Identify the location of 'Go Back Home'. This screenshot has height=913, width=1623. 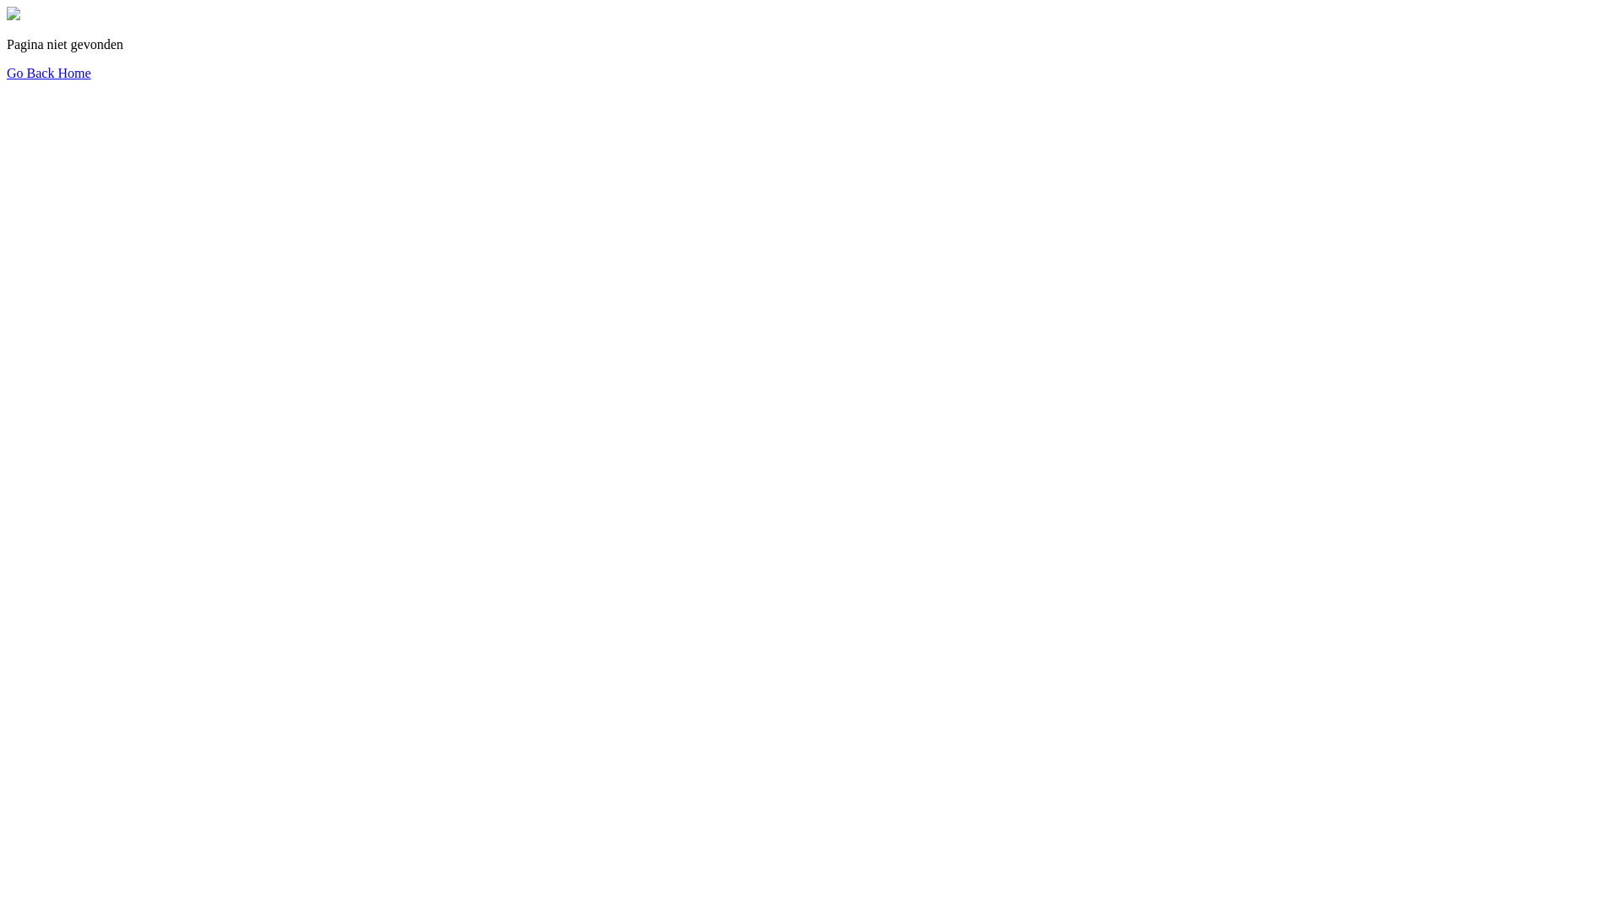
(48, 72).